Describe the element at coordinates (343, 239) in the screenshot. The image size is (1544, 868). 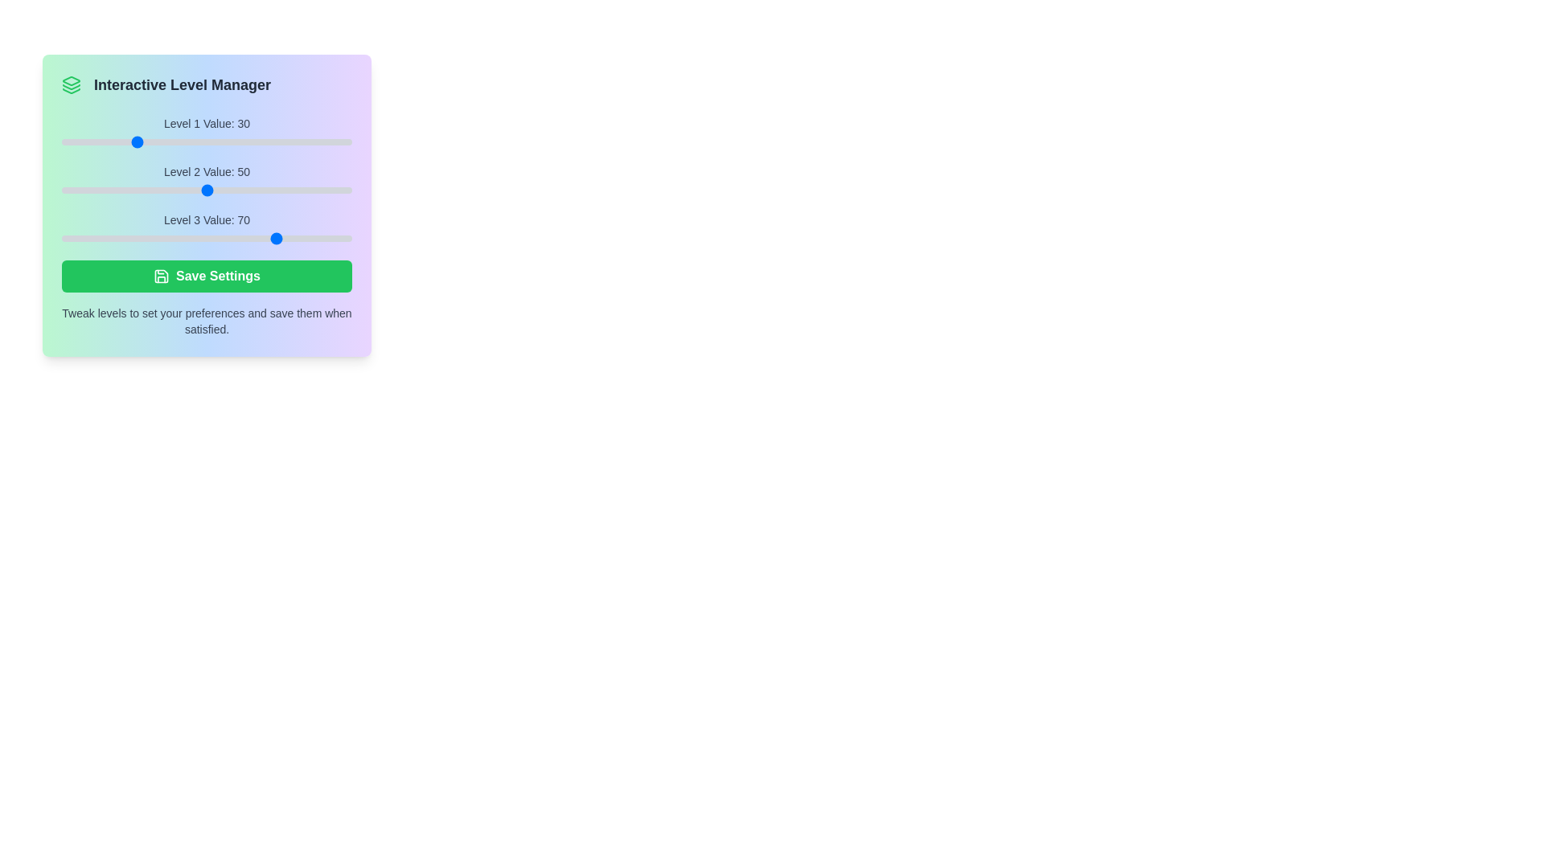
I see `the Level 3 Value slider` at that location.